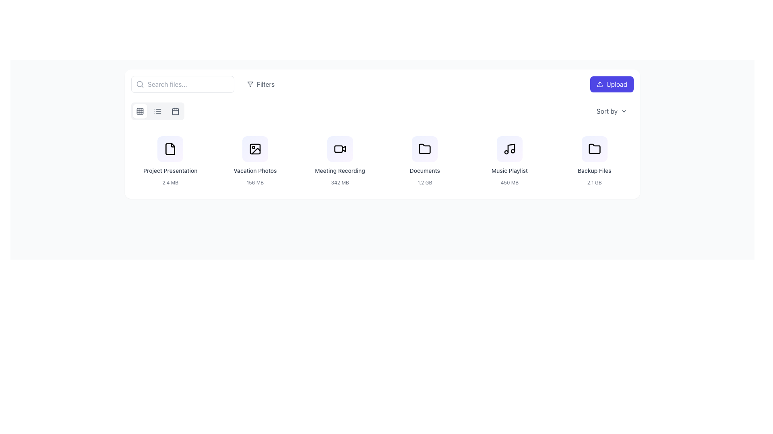 The width and height of the screenshot is (773, 434). I want to click on the small square button with a 3x3 grid pattern, so click(140, 111).